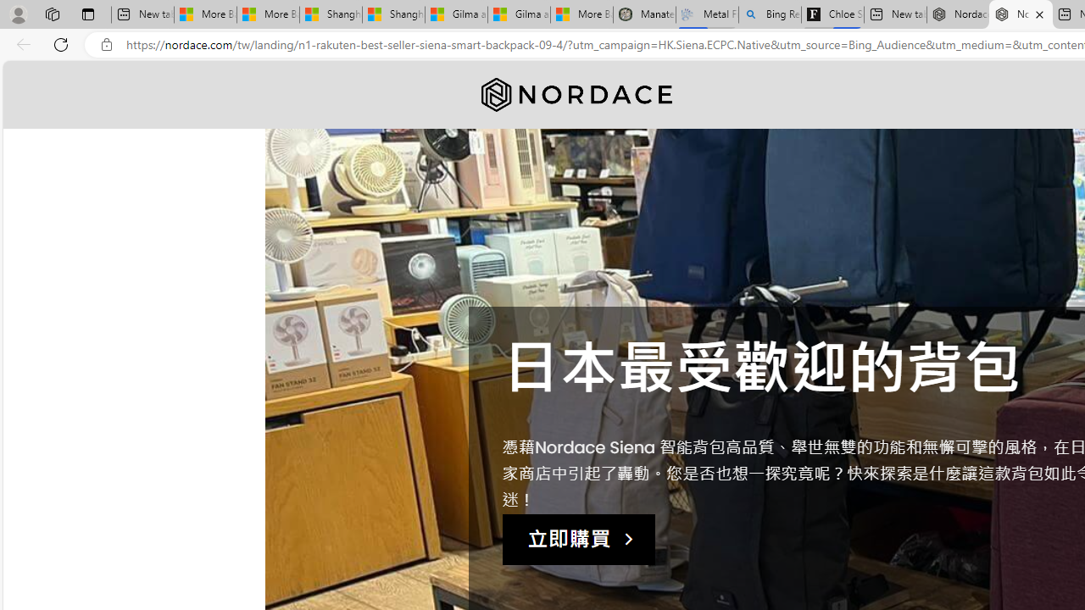 The width and height of the screenshot is (1085, 610). I want to click on 'Back', so click(20, 43).